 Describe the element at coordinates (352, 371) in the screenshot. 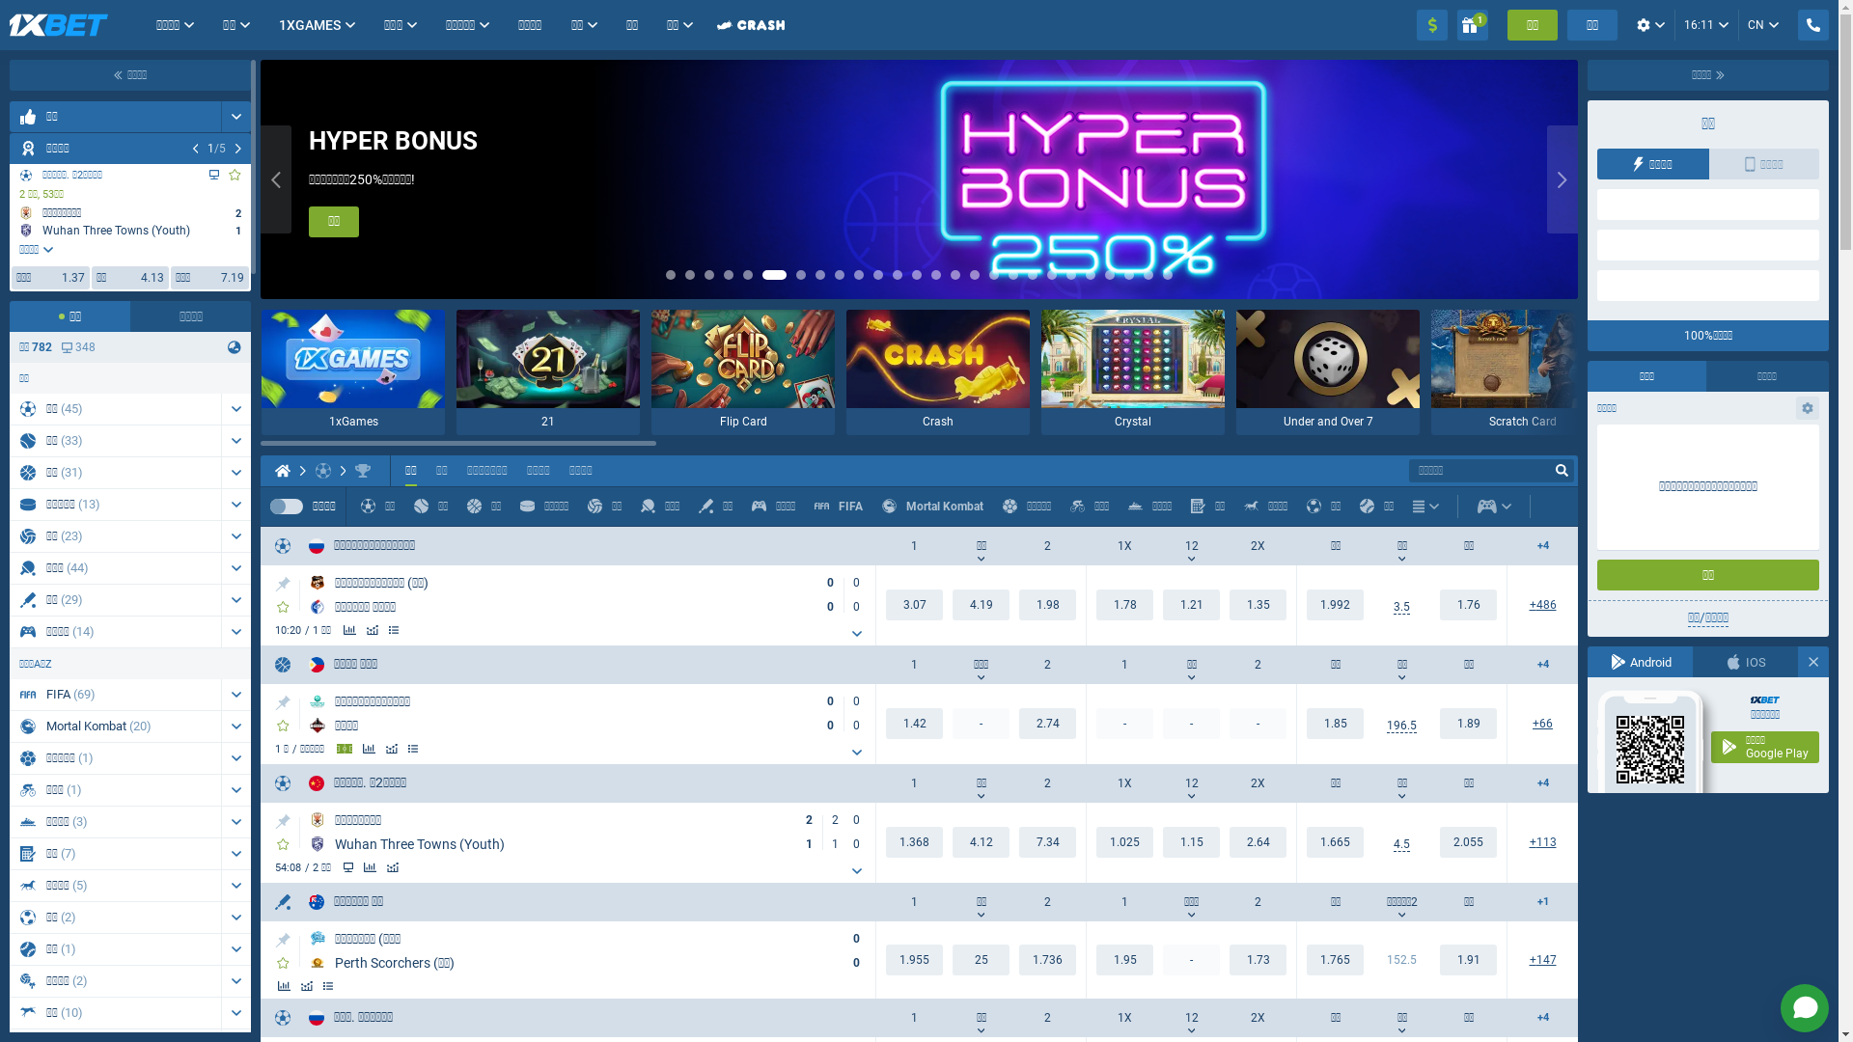

I see `'1xGames'` at that location.